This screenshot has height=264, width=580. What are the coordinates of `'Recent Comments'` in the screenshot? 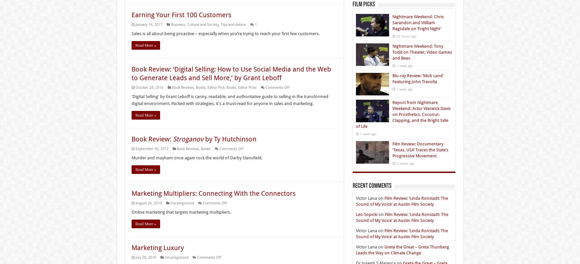 It's located at (372, 185).